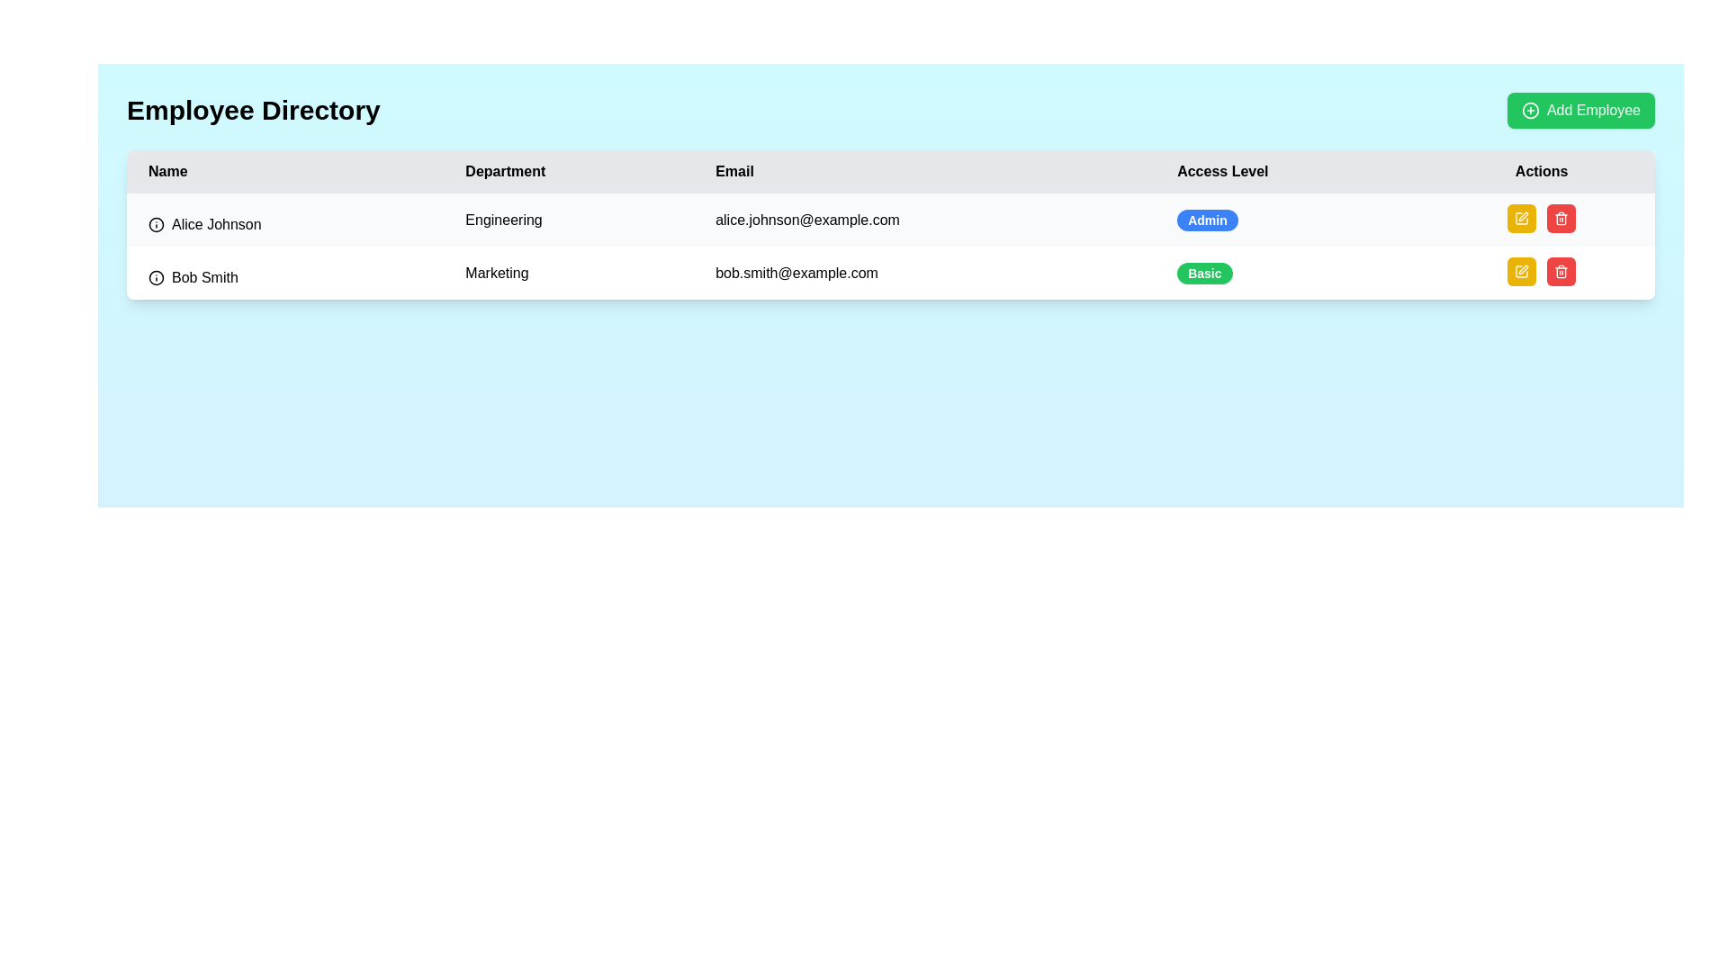 Image resolution: width=1728 pixels, height=972 pixels. Describe the element at coordinates (1561, 271) in the screenshot. I see `the delete icon button located in the last column of the table for the entry 'Bob Smith'` at that location.